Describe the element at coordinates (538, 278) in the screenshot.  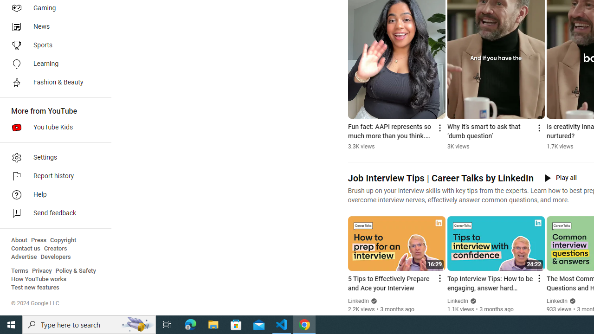
I see `'Action menu'` at that location.